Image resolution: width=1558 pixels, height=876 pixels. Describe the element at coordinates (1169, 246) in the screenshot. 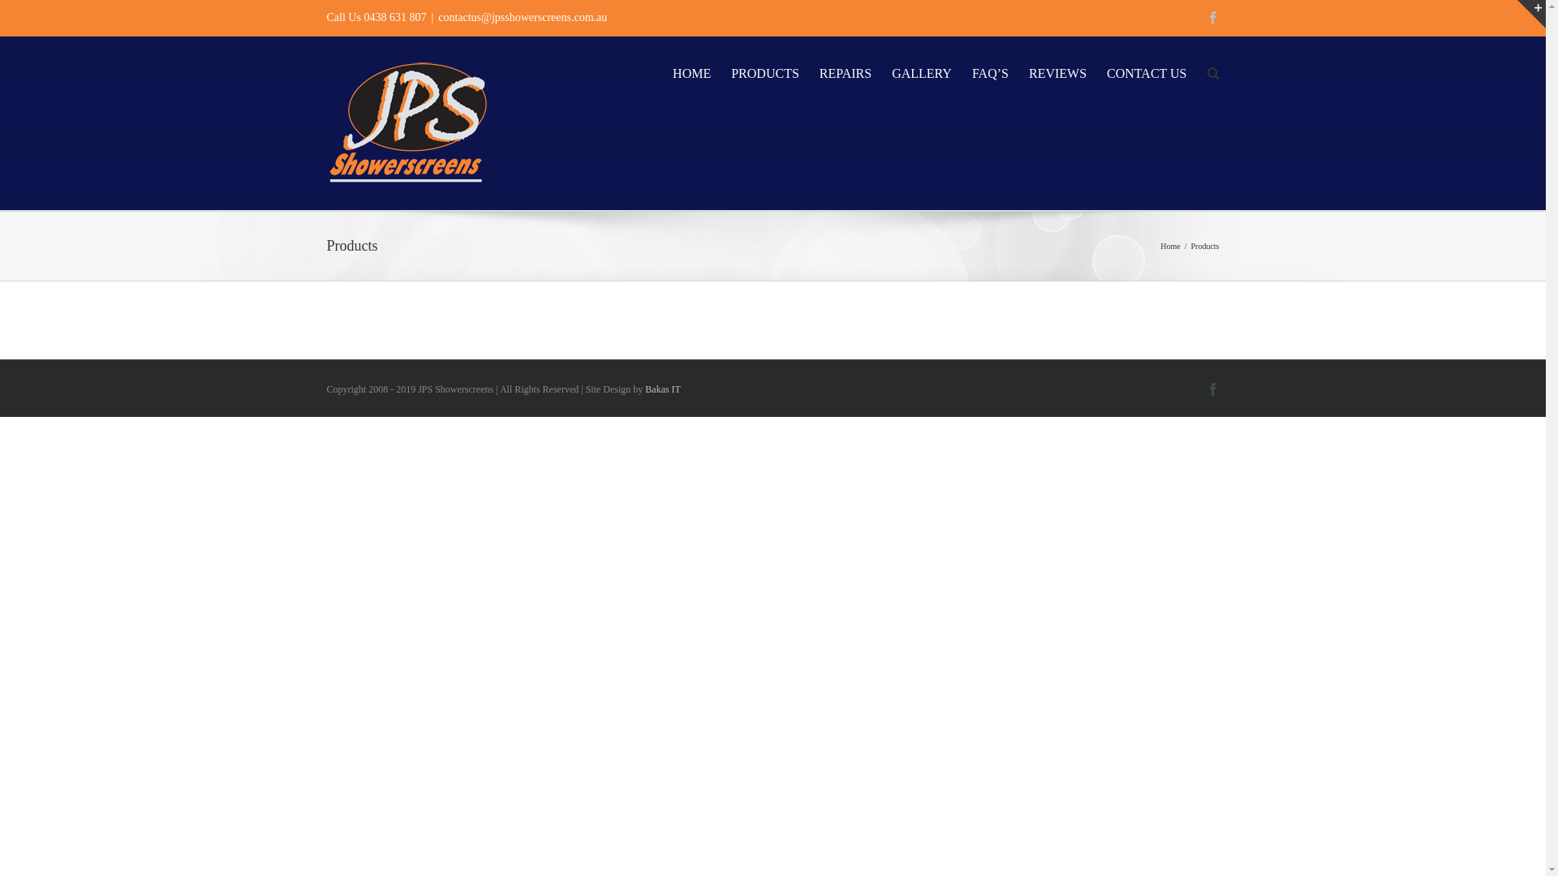

I see `'Home'` at that location.